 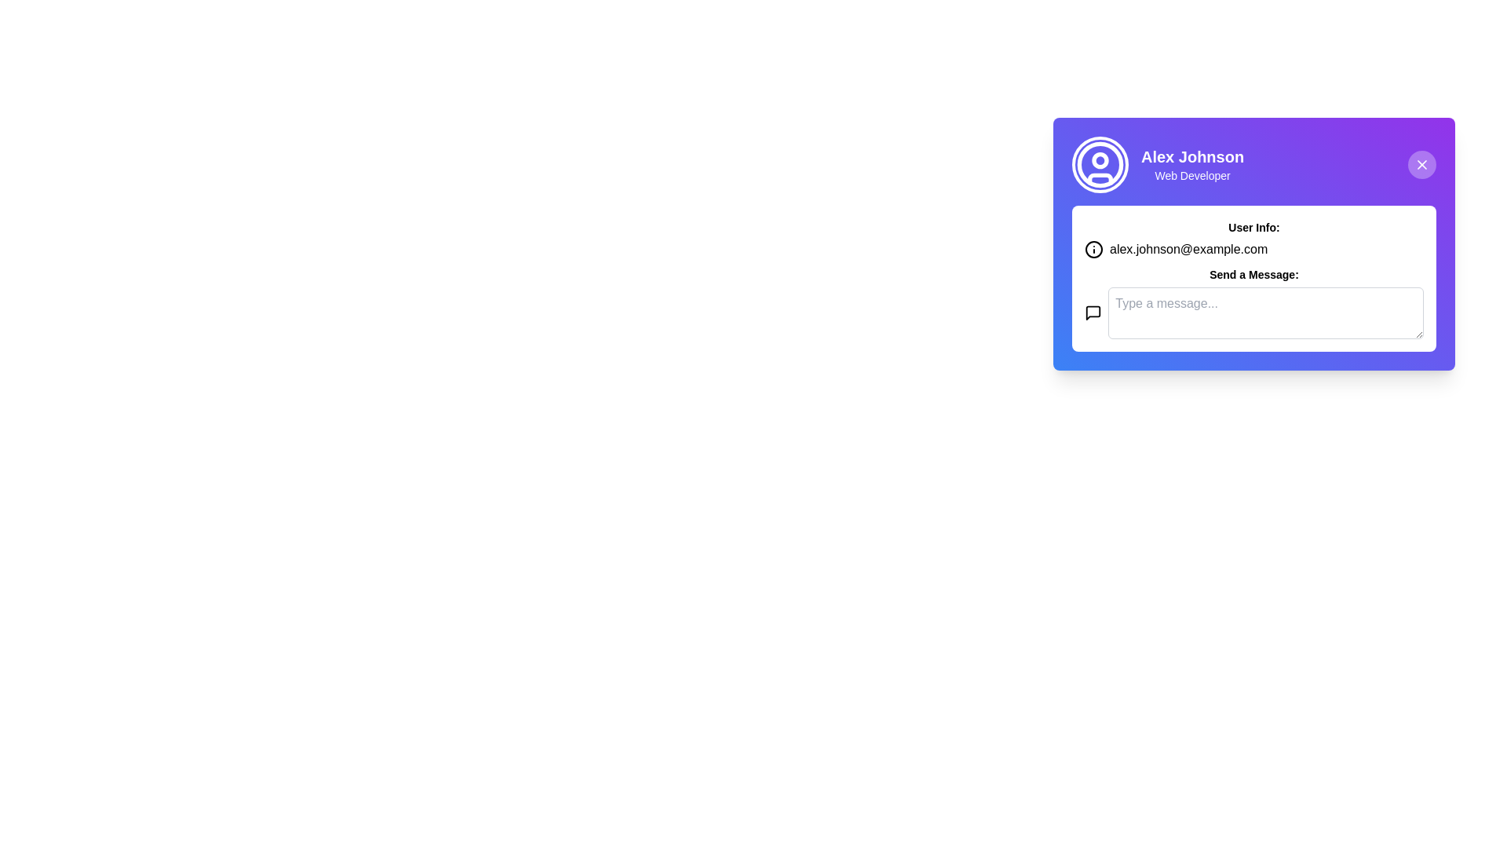 I want to click on the text label that displays 'Send a Message:', which is located in the bottom-right section of the main card layout, above the text input field, so click(x=1253, y=274).